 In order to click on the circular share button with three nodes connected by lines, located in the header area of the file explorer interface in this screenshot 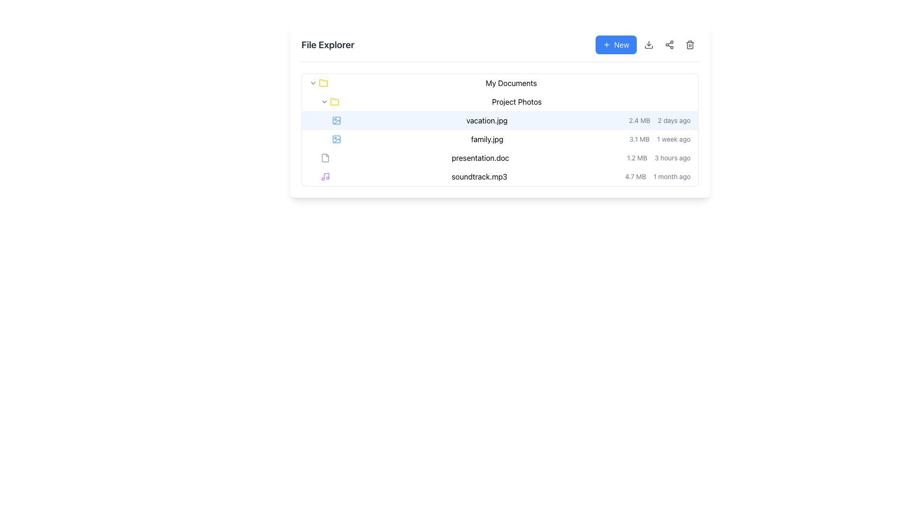, I will do `click(669, 45)`.